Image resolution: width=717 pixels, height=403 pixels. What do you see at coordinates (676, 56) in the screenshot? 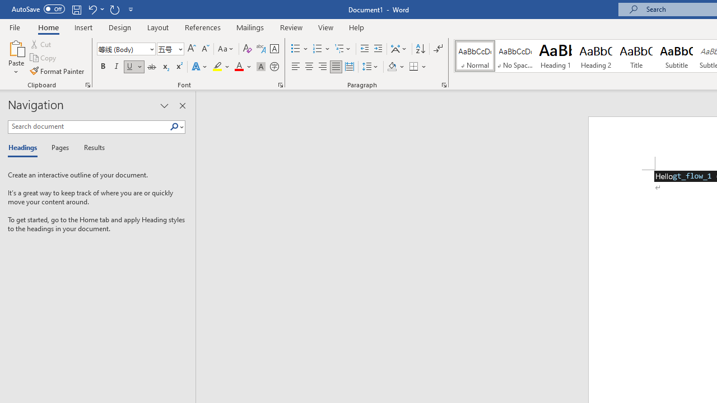
I see `'Subtitle'` at bounding box center [676, 56].